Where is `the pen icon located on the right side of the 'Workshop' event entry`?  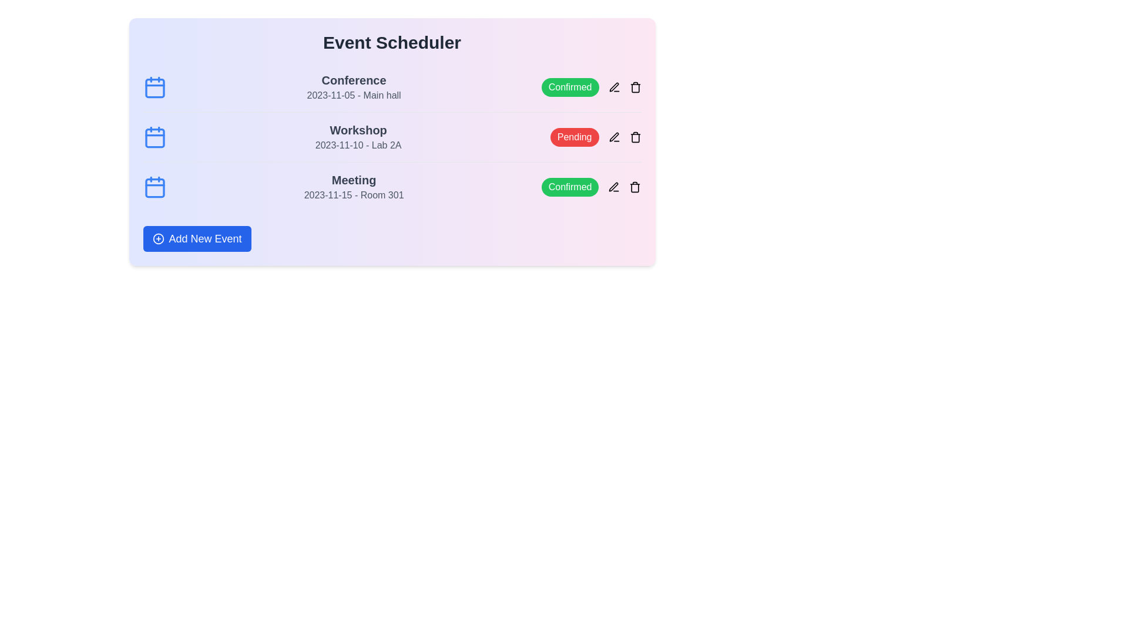
the pen icon located on the right side of the 'Workshop' event entry is located at coordinates (613, 137).